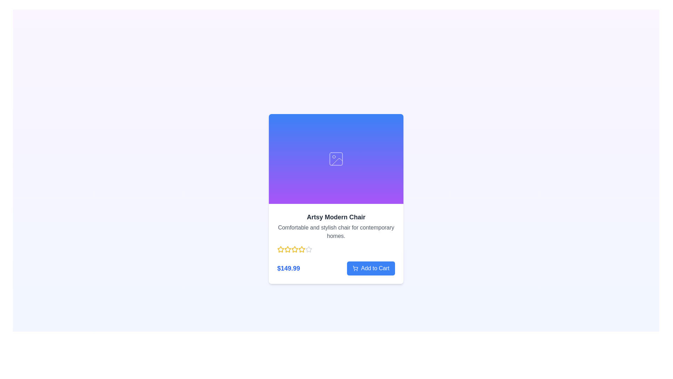 This screenshot has width=673, height=379. Describe the element at coordinates (287, 248) in the screenshot. I see `the second star rating icon below the 'Artsy Modern Chair' product description` at that location.